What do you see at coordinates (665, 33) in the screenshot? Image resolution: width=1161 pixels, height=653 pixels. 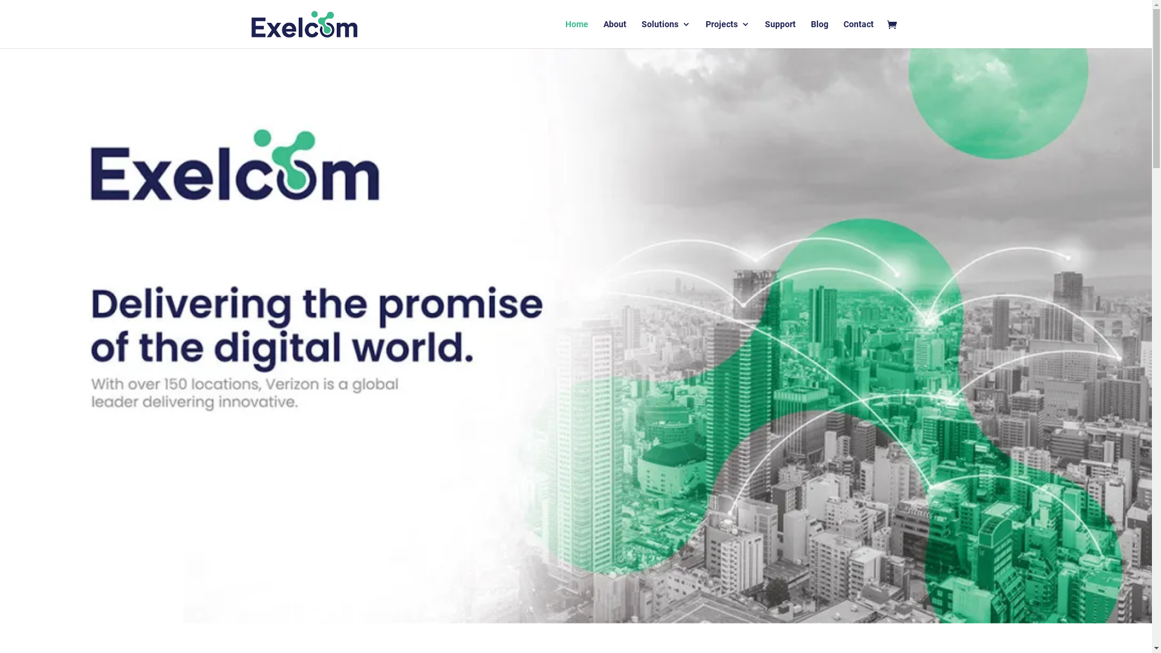 I see `'Solutions'` at bounding box center [665, 33].